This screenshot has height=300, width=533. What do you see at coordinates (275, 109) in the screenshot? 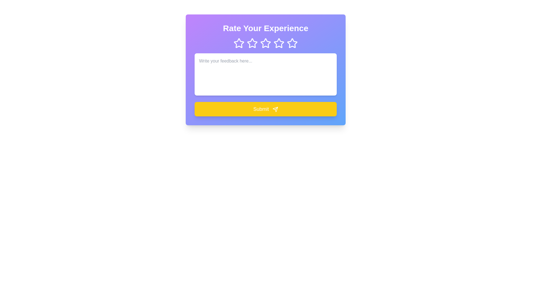
I see `the graphical representation of the 'Submit' button icon, which is part of the visual design indicating a sending action, located towards the right within the yellow button` at bounding box center [275, 109].